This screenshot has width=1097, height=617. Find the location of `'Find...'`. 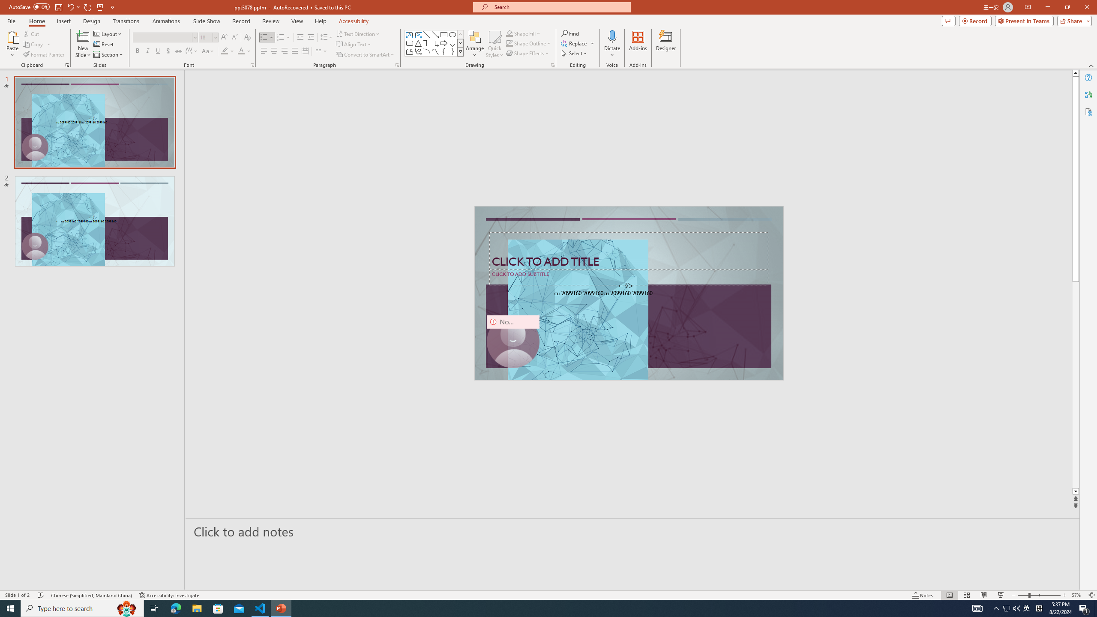

'Find...' is located at coordinates (570, 33).